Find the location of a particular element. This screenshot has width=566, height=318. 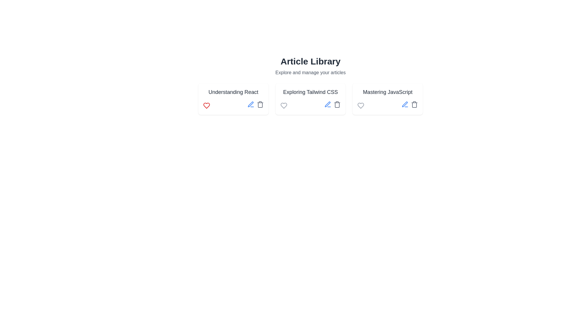

the gray trash can icon button, which changes color to red when hovered, located in the horizontal row of icons under the 'Understanding React' card in the 'Article Library' interface is located at coordinates (260, 104).